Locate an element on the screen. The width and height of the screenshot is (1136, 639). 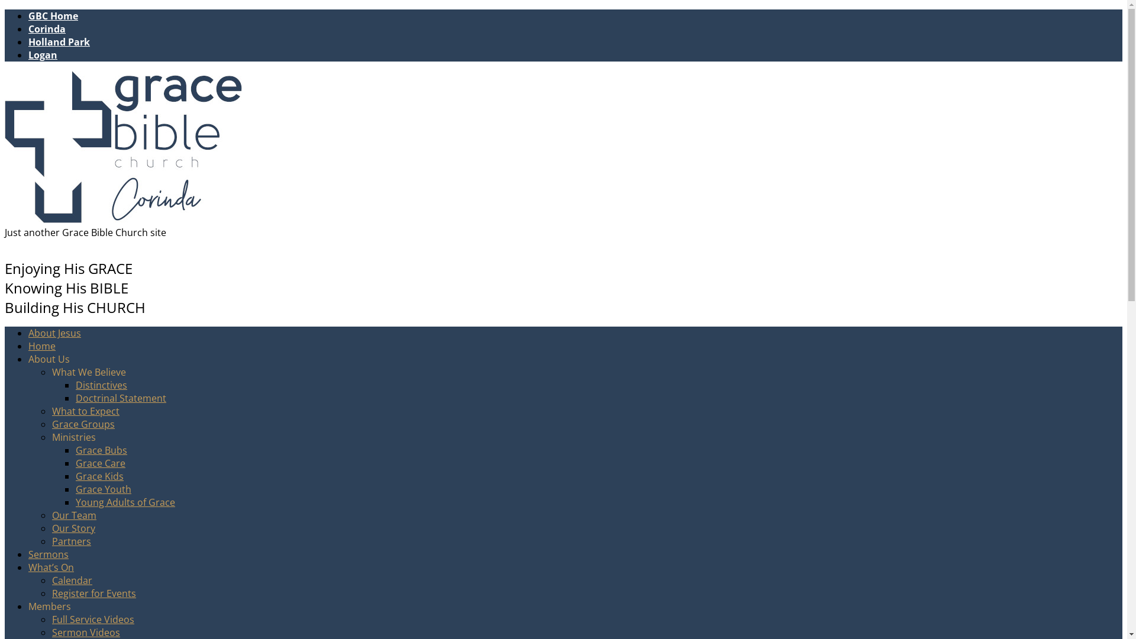
'Our Team' is located at coordinates (73, 515).